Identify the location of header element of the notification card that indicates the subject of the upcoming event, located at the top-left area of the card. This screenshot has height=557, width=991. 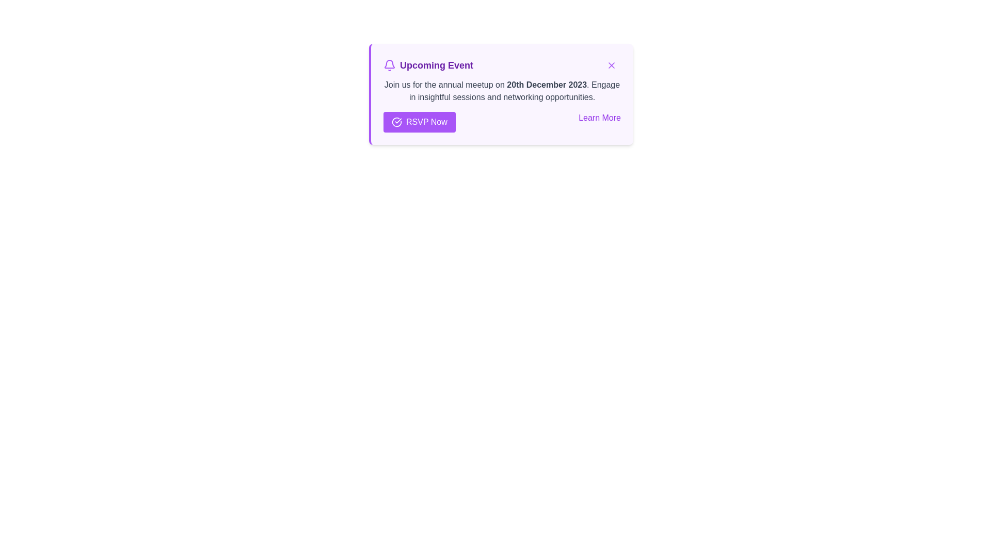
(428, 65).